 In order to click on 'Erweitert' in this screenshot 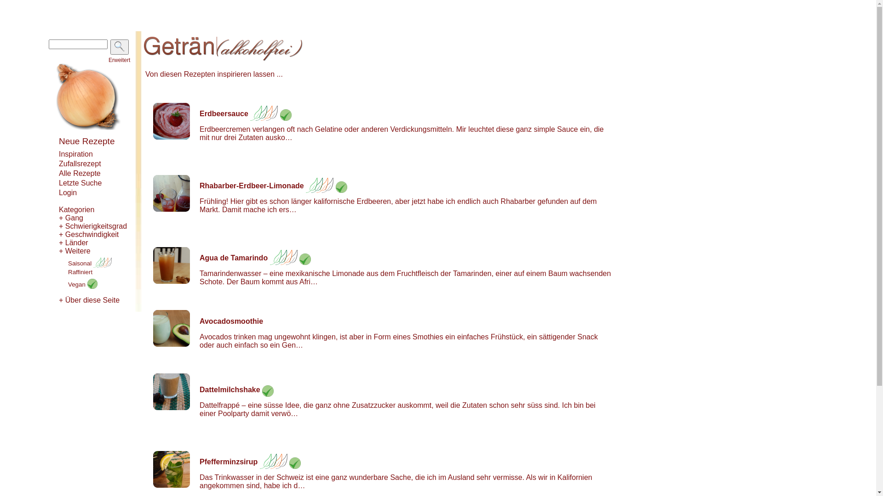, I will do `click(119, 60)`.